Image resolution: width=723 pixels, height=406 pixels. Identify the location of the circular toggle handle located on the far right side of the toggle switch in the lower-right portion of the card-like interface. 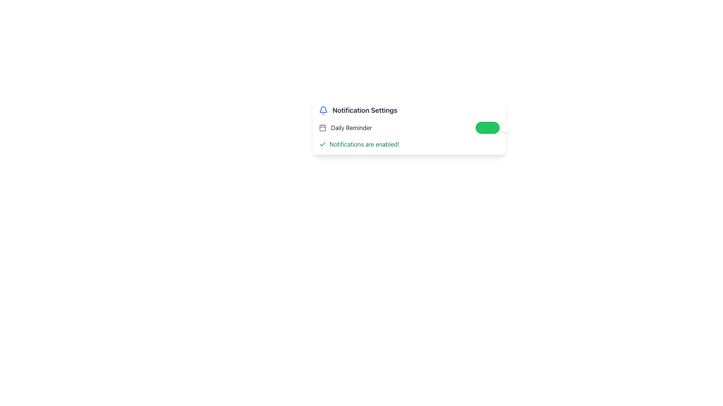
(505, 127).